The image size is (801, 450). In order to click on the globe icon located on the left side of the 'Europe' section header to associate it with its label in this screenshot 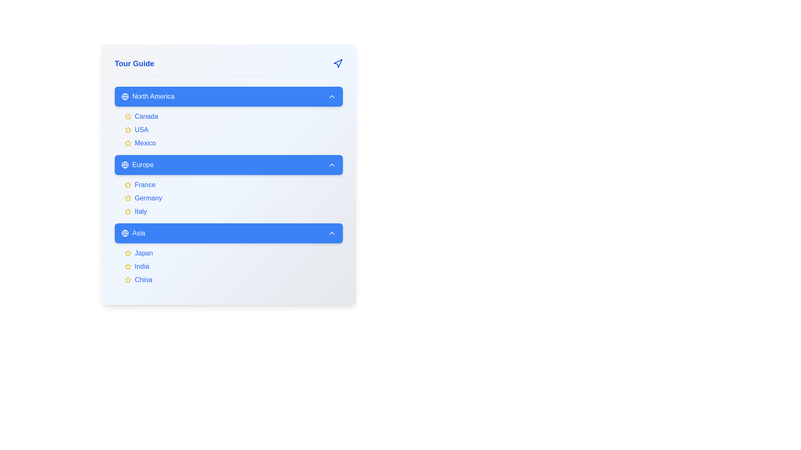, I will do `click(124, 165)`.